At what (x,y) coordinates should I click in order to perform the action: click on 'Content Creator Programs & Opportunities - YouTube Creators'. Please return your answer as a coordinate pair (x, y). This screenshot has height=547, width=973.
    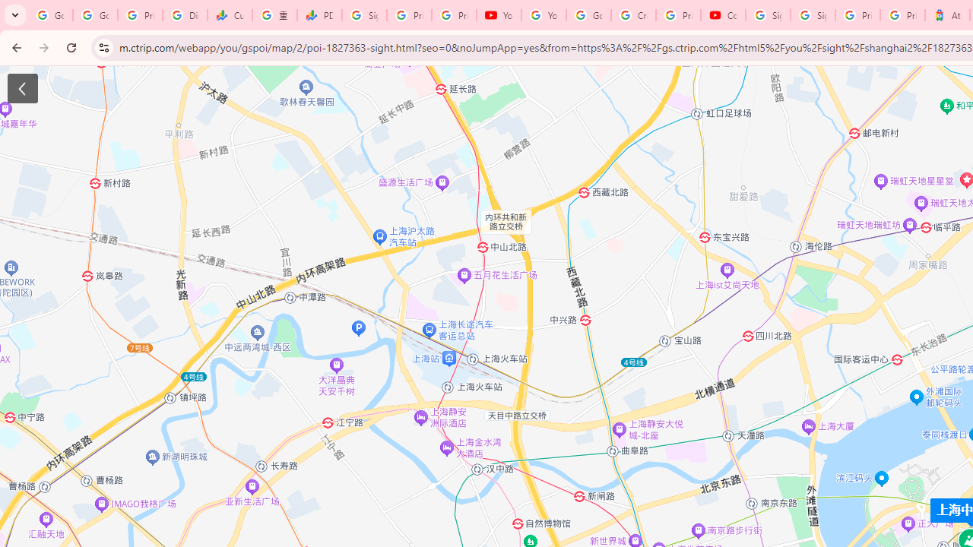
    Looking at the image, I should click on (722, 15).